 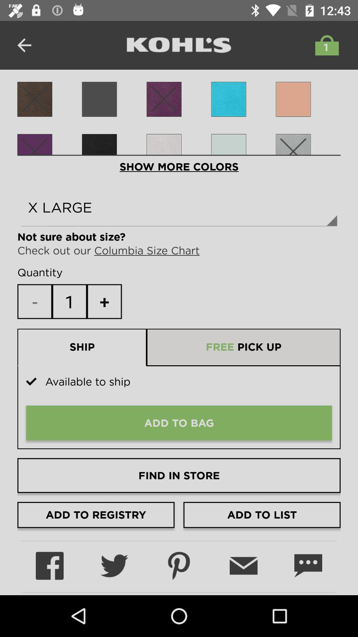 I want to click on the close icon, so click(x=34, y=151).